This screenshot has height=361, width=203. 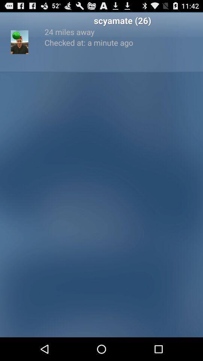 I want to click on the checked at a item, so click(x=122, y=42).